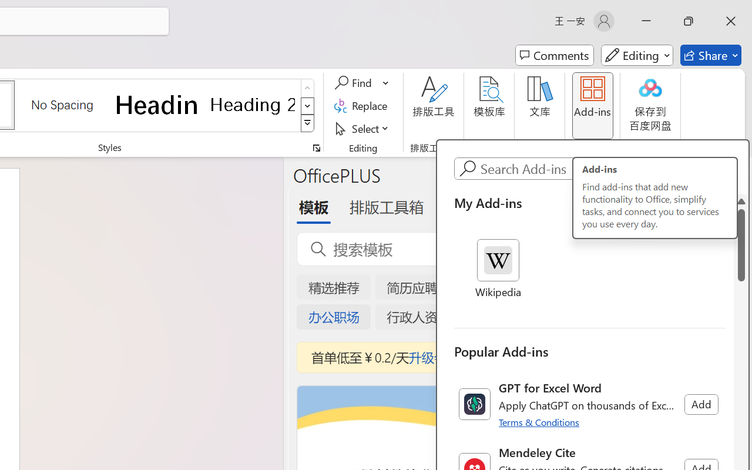  Describe the element at coordinates (362, 105) in the screenshot. I see `'Replace...'` at that location.